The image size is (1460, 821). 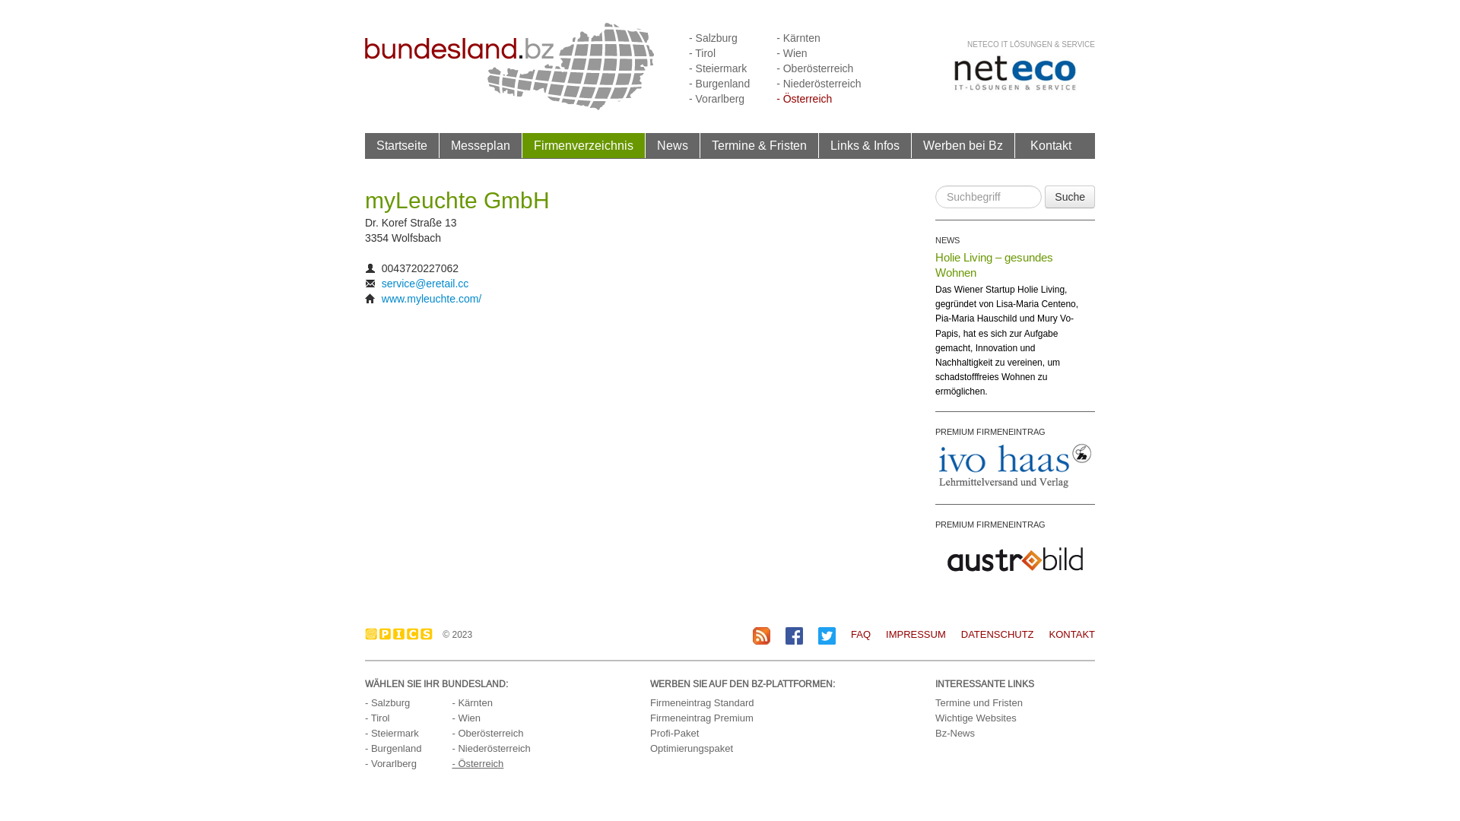 What do you see at coordinates (976, 717) in the screenshot?
I see `'Wichtige Websites'` at bounding box center [976, 717].